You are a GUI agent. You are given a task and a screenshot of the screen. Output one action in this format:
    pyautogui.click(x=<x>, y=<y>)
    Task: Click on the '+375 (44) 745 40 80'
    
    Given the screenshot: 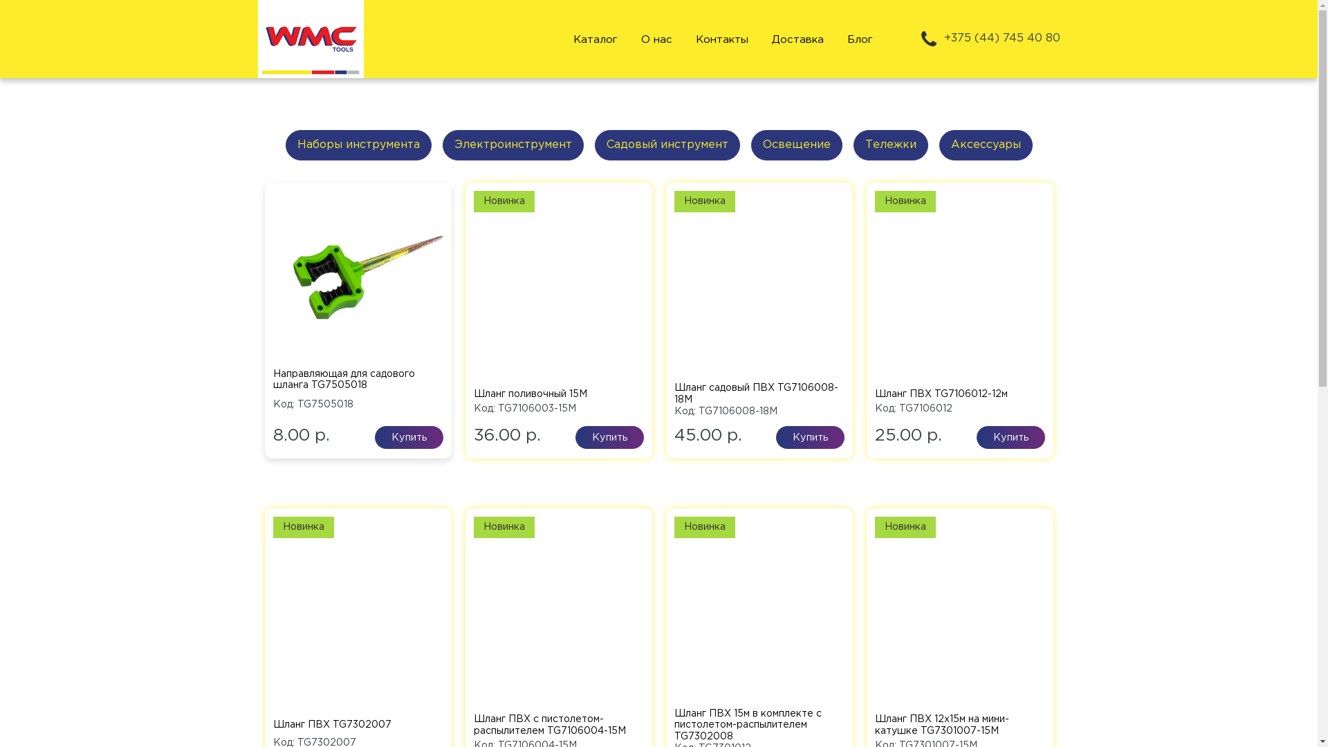 What is the action you would take?
    pyautogui.click(x=988, y=38)
    